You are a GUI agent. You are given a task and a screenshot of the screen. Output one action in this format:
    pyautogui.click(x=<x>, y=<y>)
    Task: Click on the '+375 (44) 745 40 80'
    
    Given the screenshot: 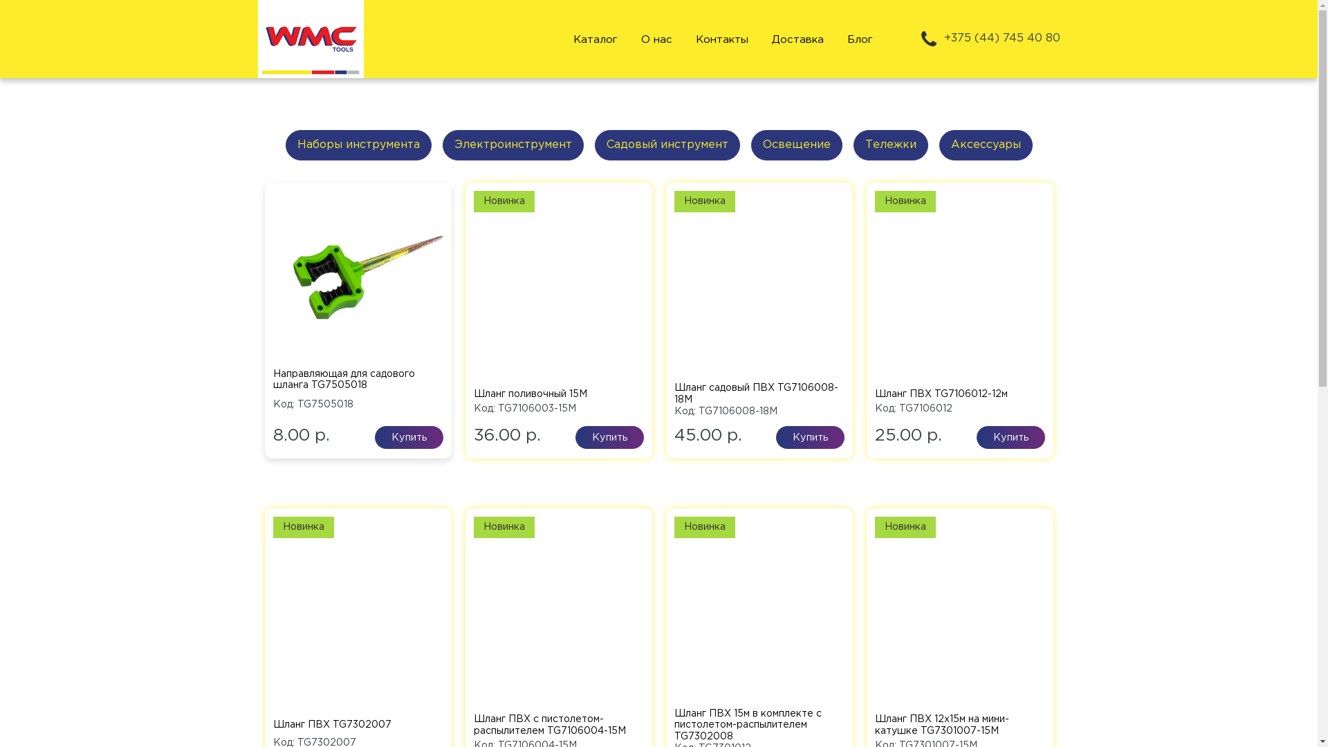 What is the action you would take?
    pyautogui.click(x=988, y=38)
    